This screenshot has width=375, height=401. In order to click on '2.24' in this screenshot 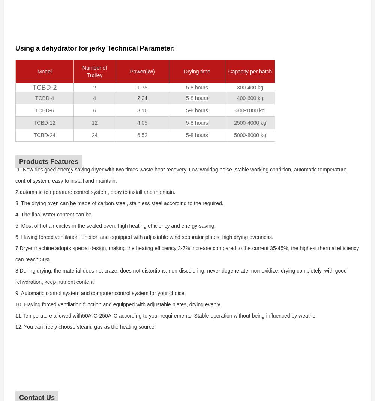, I will do `click(142, 98)`.